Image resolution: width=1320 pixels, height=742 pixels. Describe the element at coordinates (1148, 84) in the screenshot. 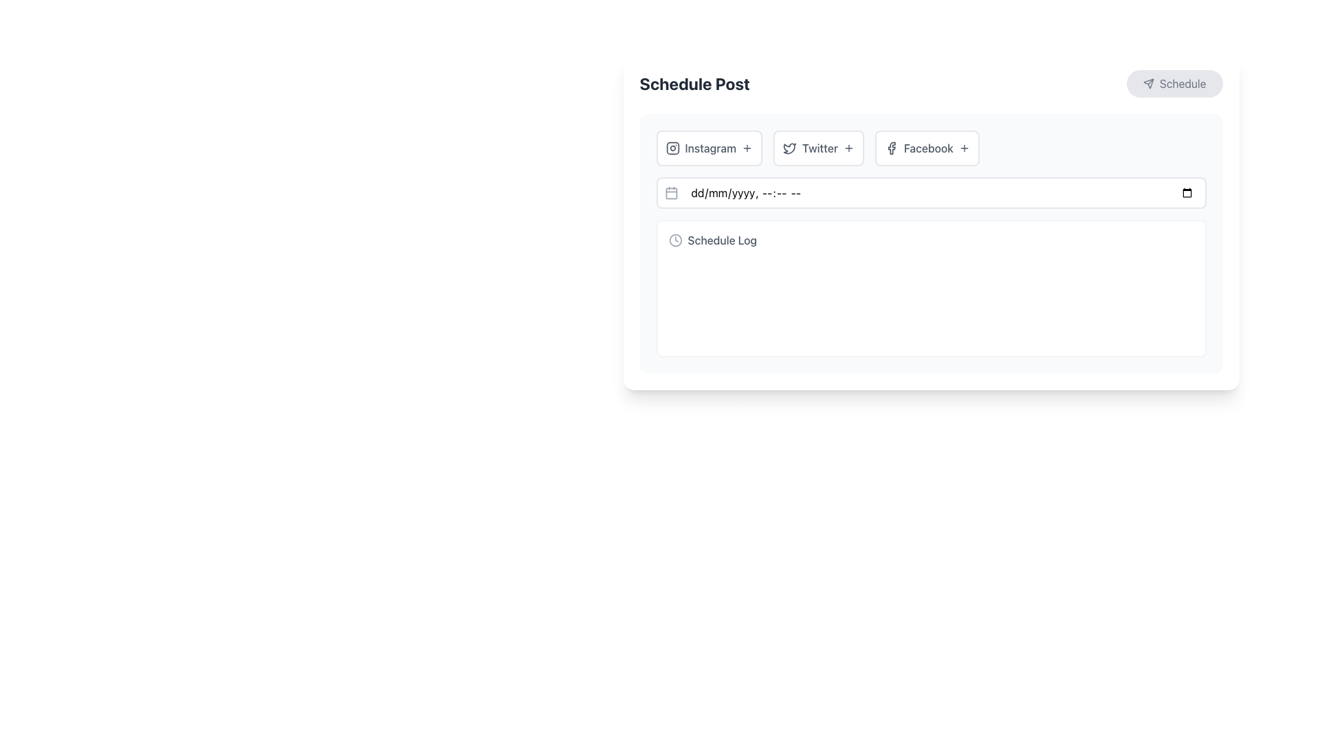

I see `the icon located at the far right upper corner of the 'Schedule' button, which is to the left of the text 'Schedule' in the 'Schedule Post' section` at that location.